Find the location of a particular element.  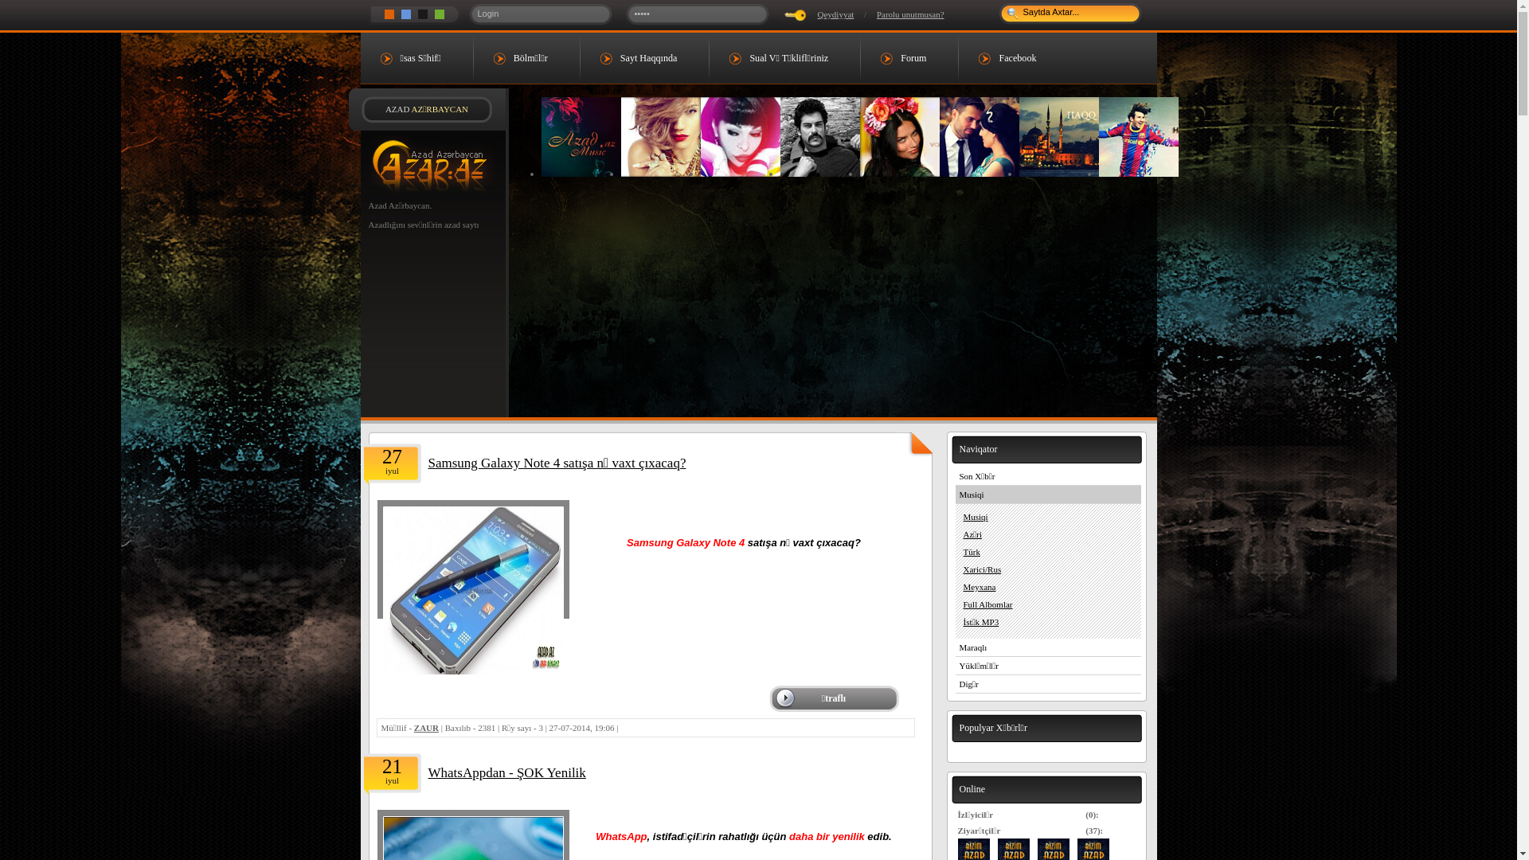

'Sevgi - Romantika' is located at coordinates (1138, 136).